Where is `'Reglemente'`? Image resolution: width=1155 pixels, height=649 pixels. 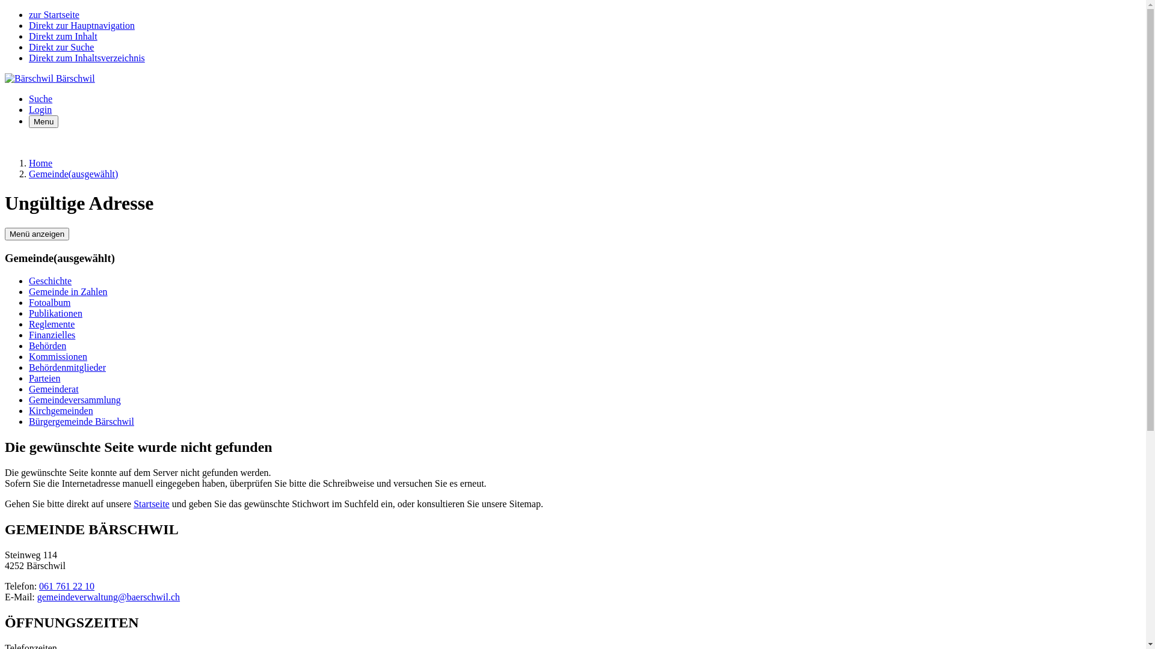 'Reglemente' is located at coordinates (51, 323).